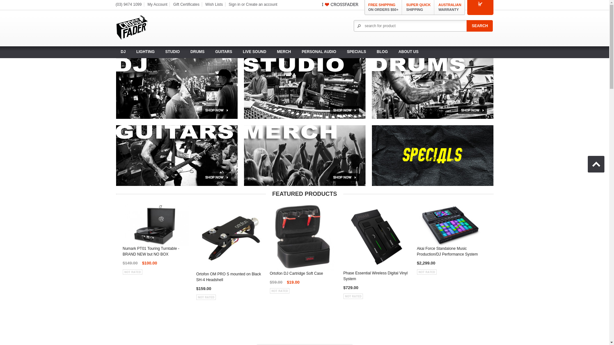 The height and width of the screenshot is (345, 614). Describe the element at coordinates (595, 164) in the screenshot. I see `'Back to Top'` at that location.